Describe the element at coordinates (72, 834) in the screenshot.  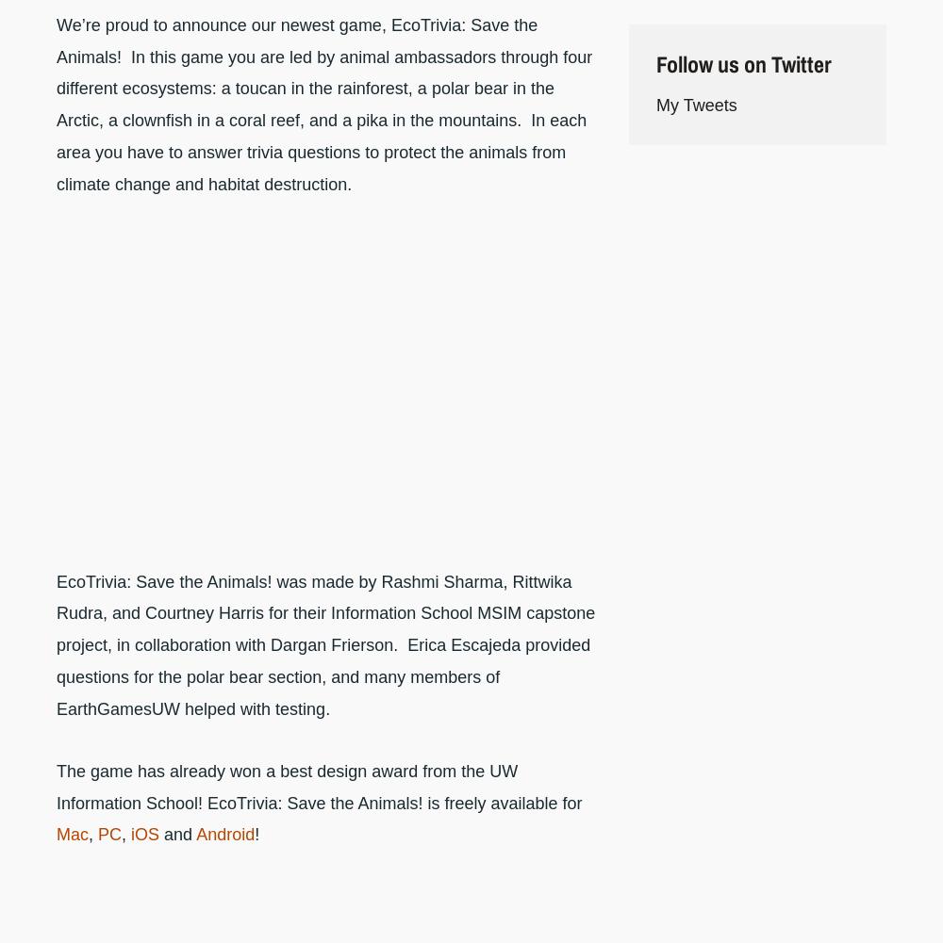
I see `'Mac'` at that location.